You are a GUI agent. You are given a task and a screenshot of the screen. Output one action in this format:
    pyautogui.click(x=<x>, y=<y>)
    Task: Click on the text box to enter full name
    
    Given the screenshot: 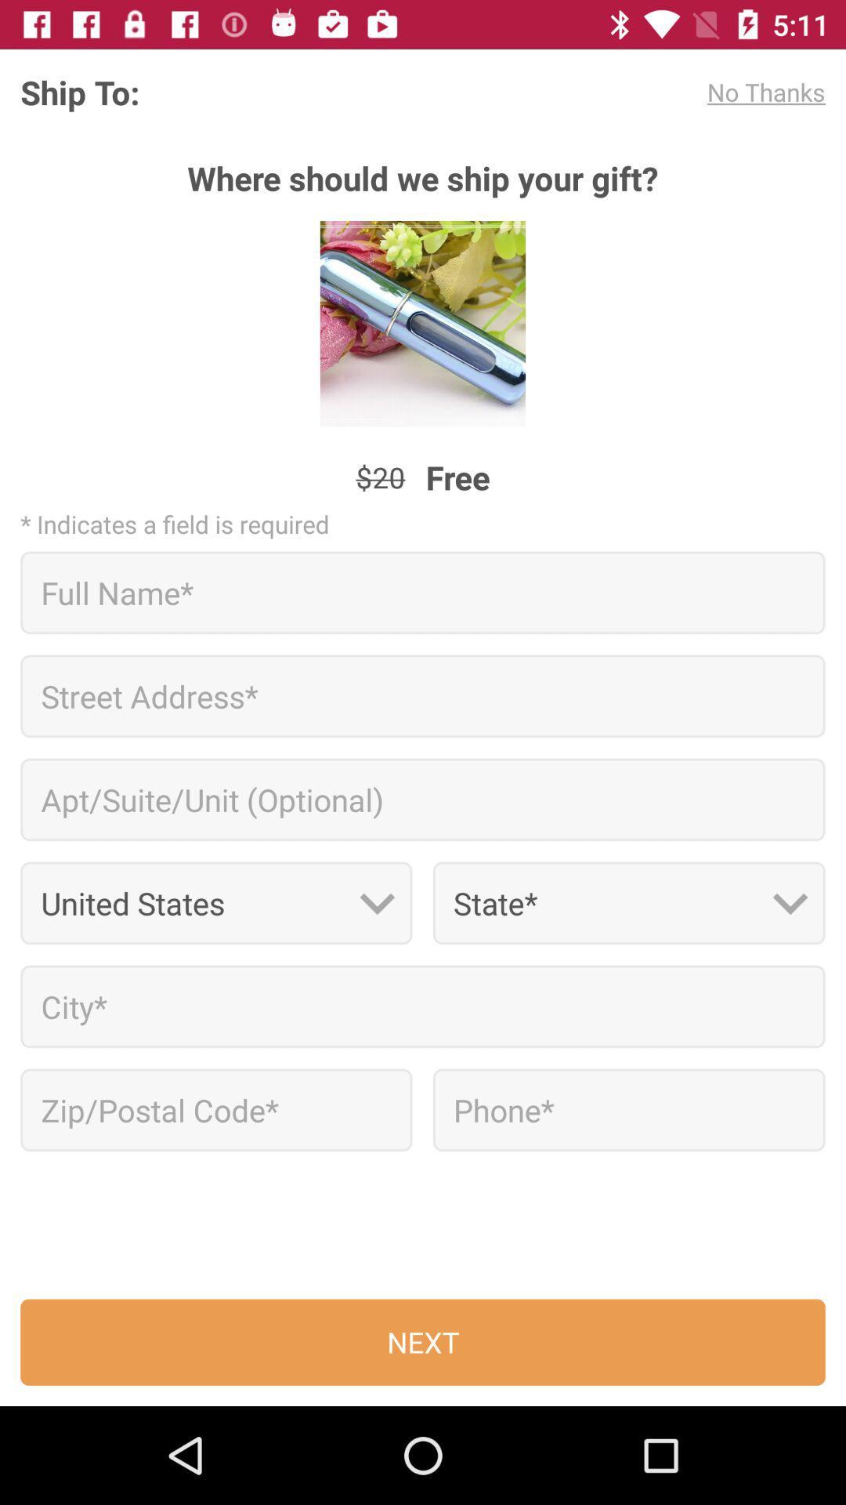 What is the action you would take?
    pyautogui.click(x=423, y=592)
    